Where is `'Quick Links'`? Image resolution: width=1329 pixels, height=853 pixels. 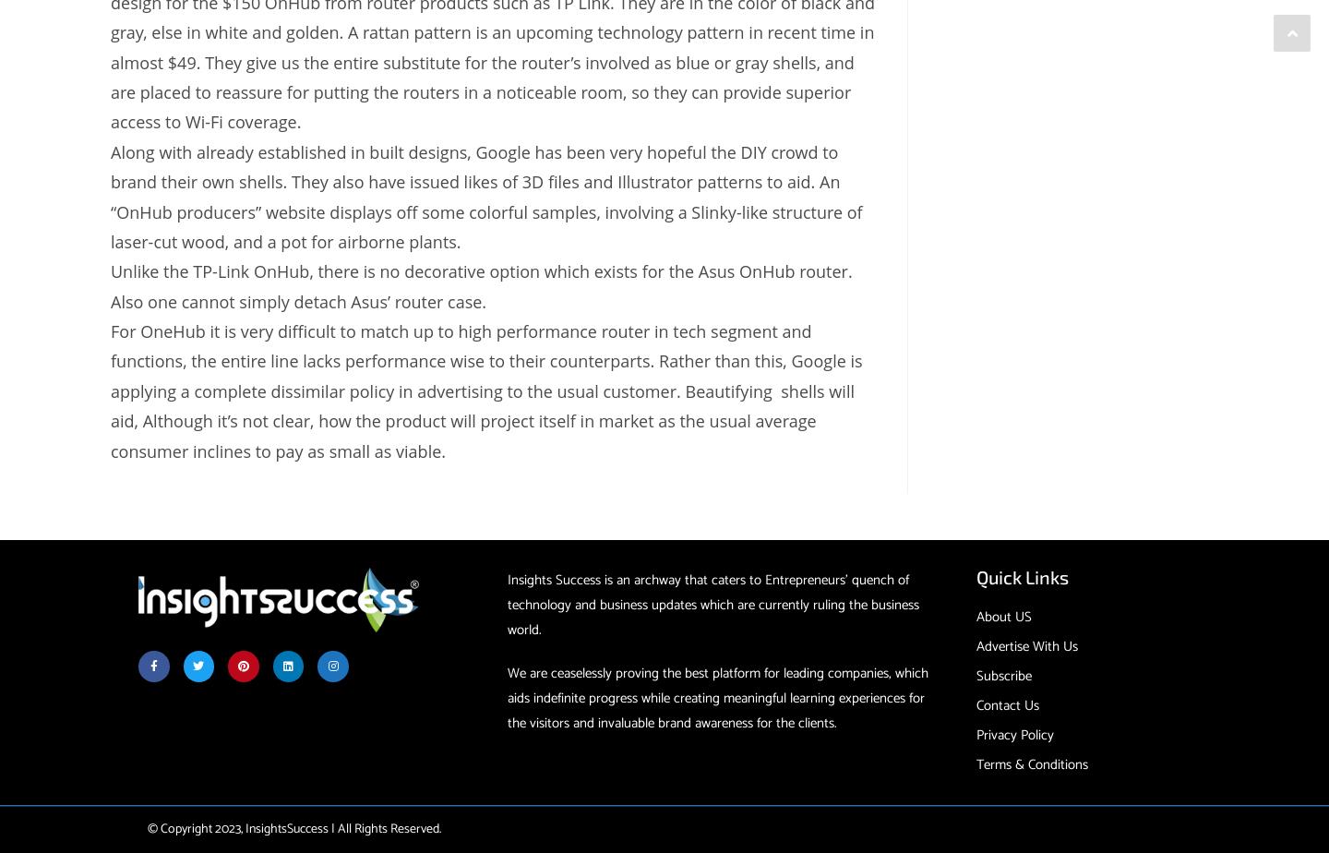 'Quick Links' is located at coordinates (1021, 576).